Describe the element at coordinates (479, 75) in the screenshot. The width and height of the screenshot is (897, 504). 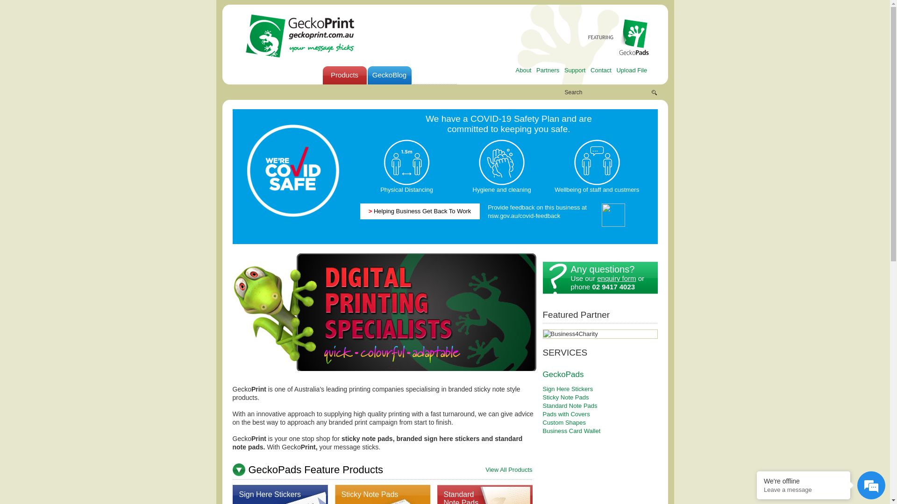
I see `'Quote'` at that location.